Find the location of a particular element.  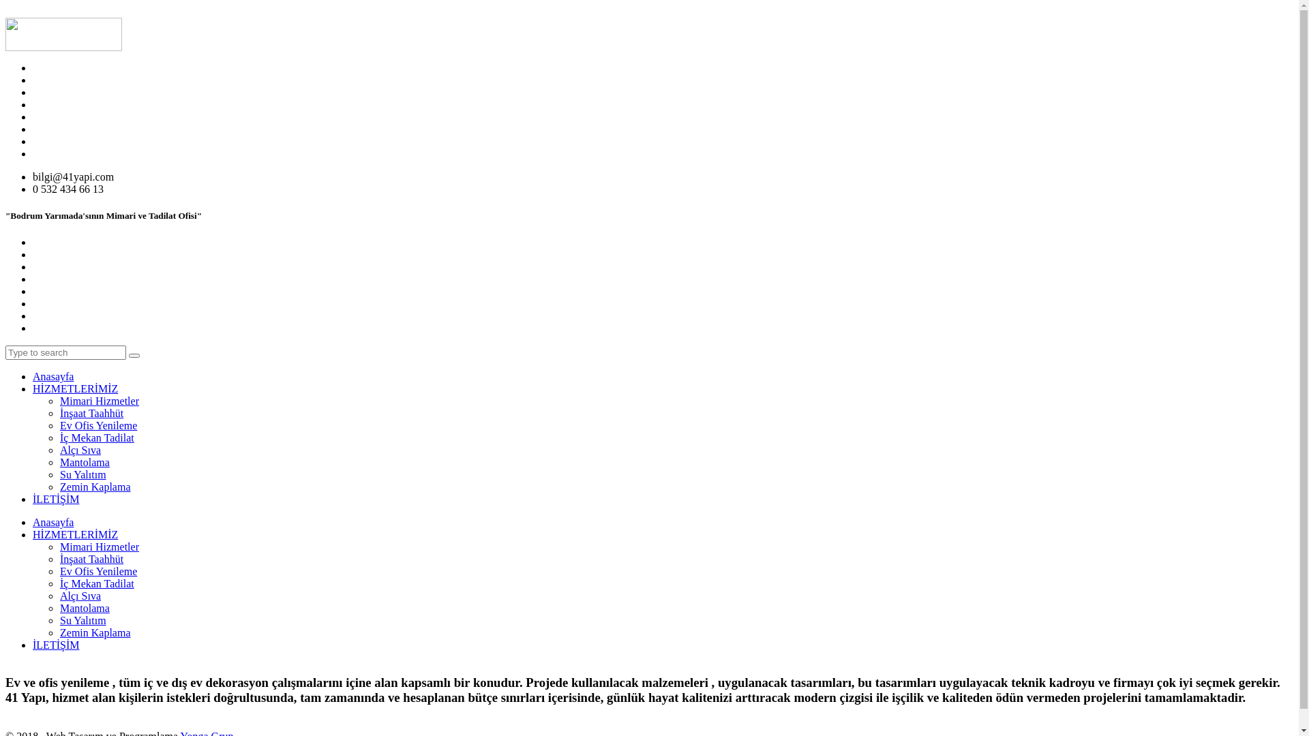

'Anasayfa' is located at coordinates (52, 376).